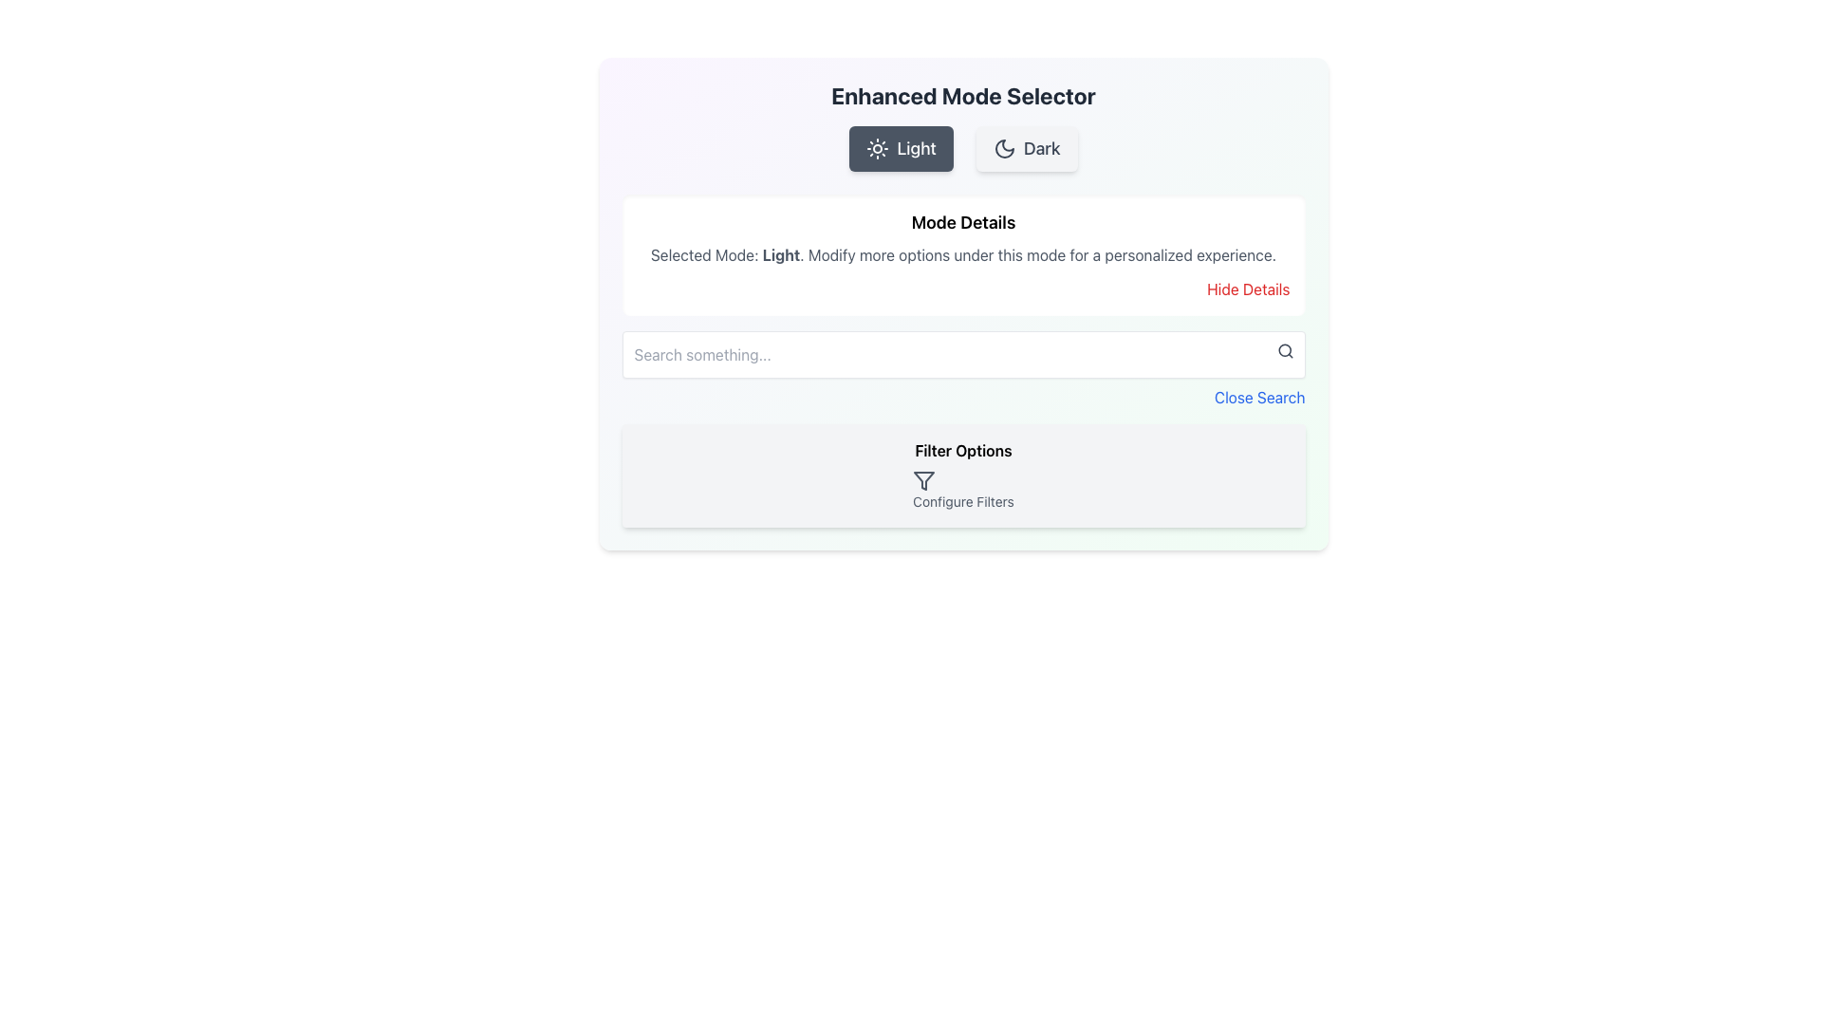 This screenshot has height=1025, width=1822. Describe the element at coordinates (901, 148) in the screenshot. I see `the 'Light' button, which is a rectangular button with rounded corners, dark gray background, and white text` at that location.